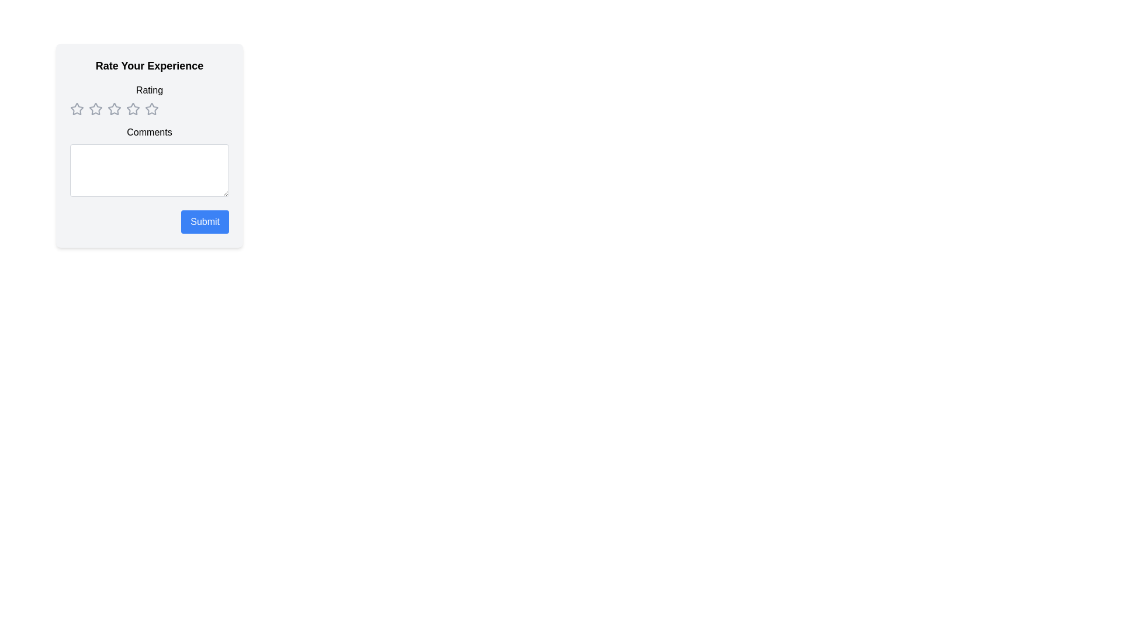 The image size is (1122, 631). Describe the element at coordinates (115, 109) in the screenshot. I see `the fourth star icon in the rating feature` at that location.